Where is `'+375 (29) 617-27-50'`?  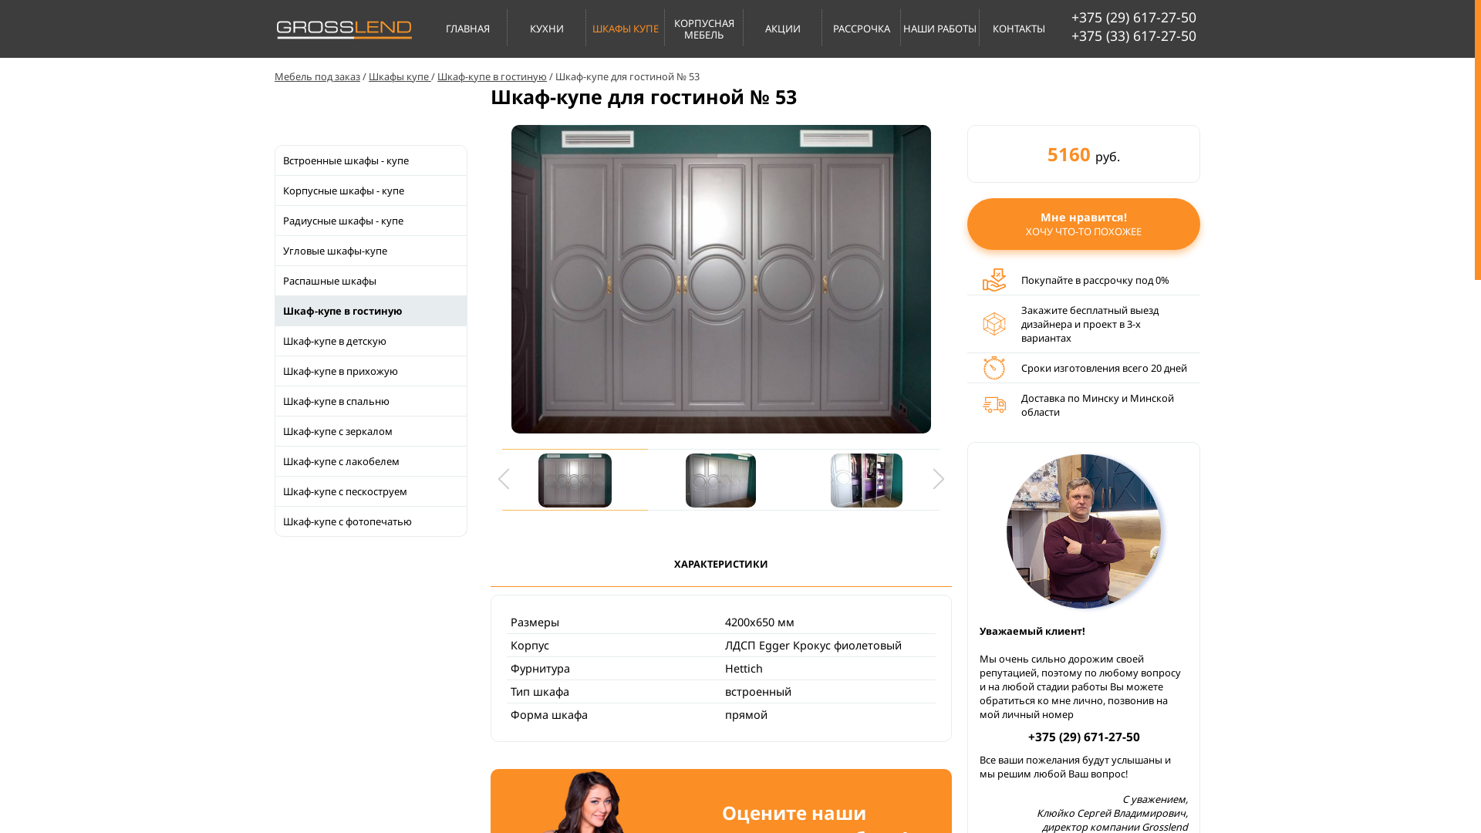 '+375 (29) 617-27-50' is located at coordinates (1133, 17).